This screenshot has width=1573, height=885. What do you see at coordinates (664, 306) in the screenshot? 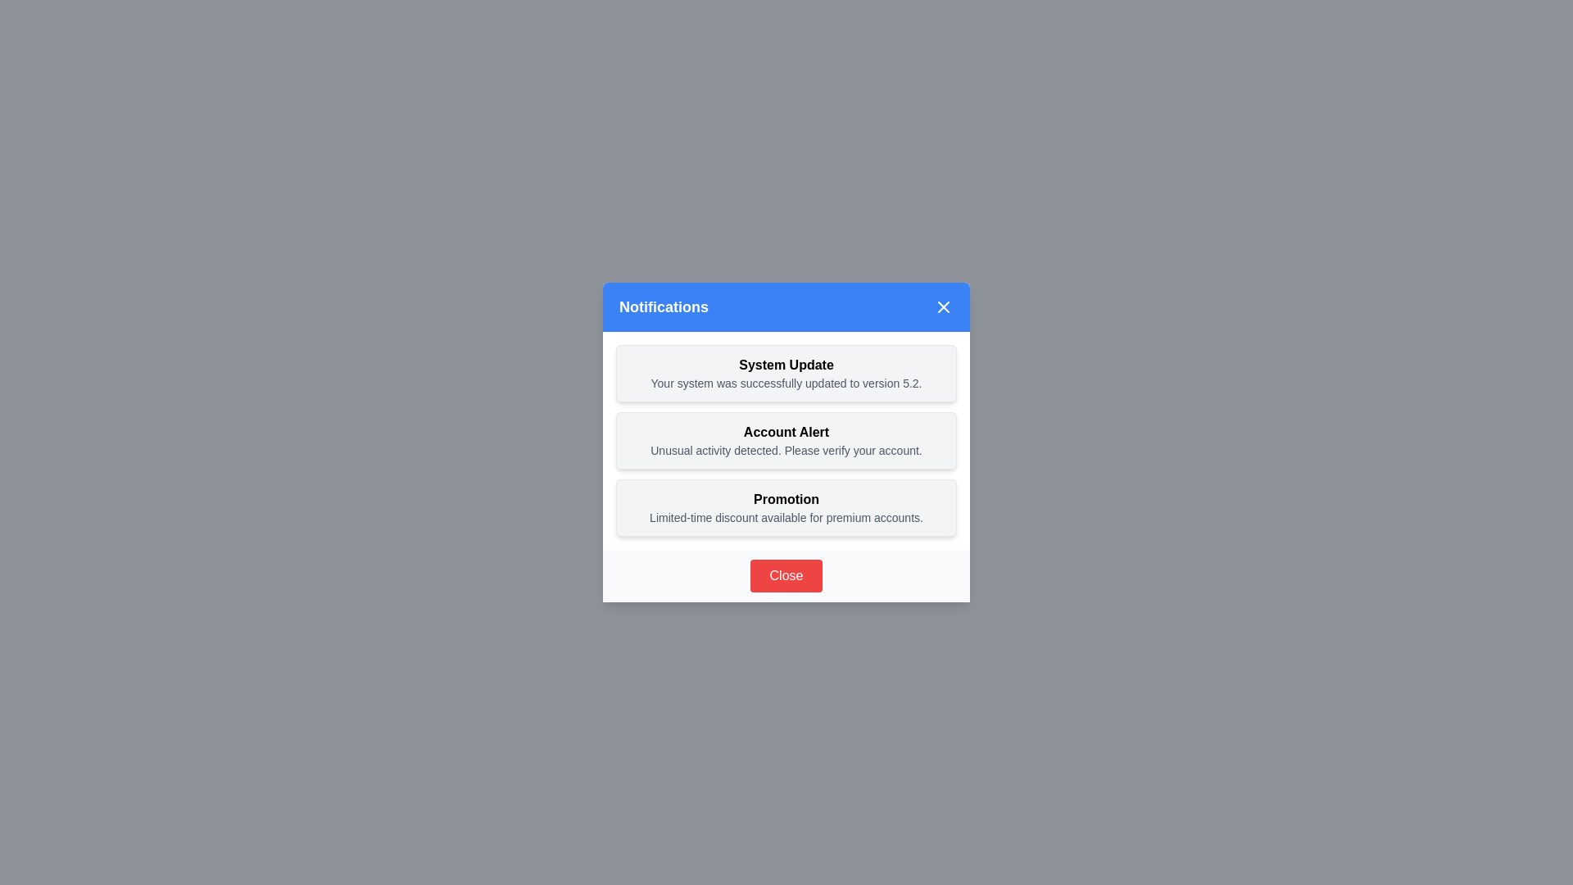
I see `the Static Text Label displaying 'Notifications' which is styled prominently with a white text color on a blue background at the top-left of the modal popup` at bounding box center [664, 306].